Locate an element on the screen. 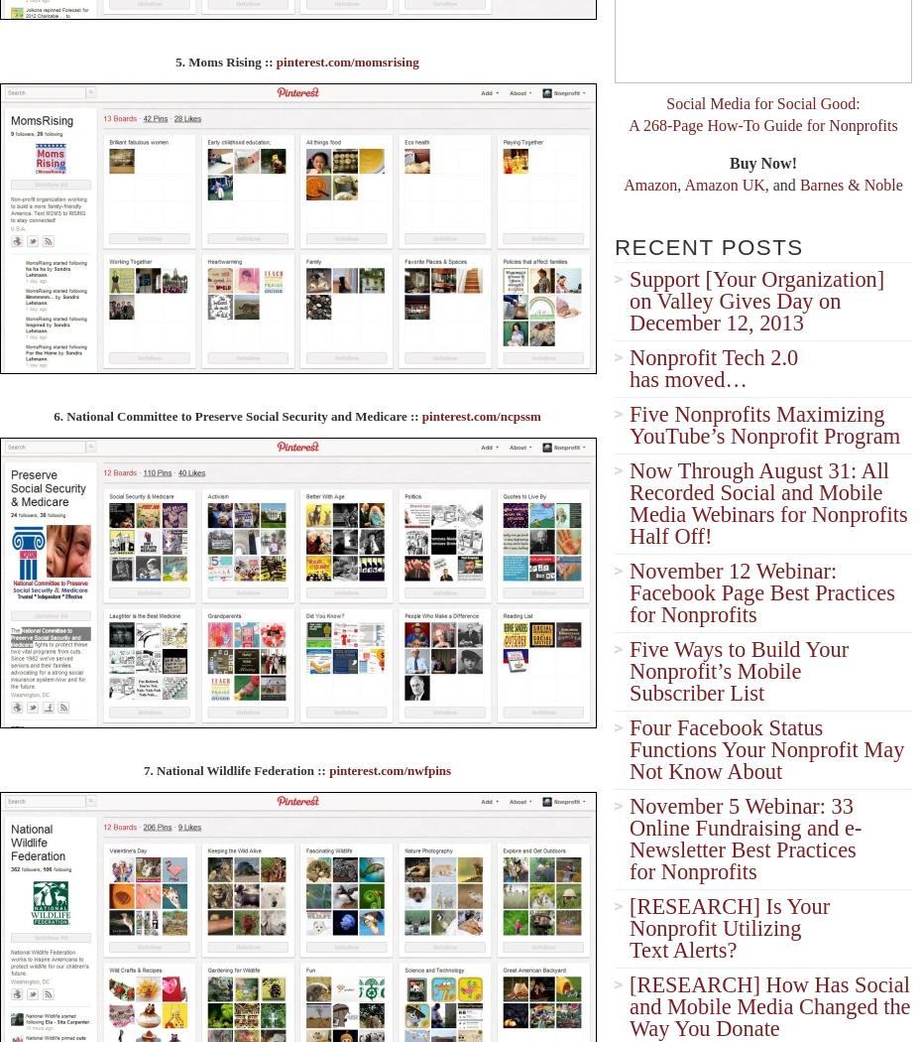 This screenshot has width=922, height=1042. 'Amazon' is located at coordinates (649, 185).